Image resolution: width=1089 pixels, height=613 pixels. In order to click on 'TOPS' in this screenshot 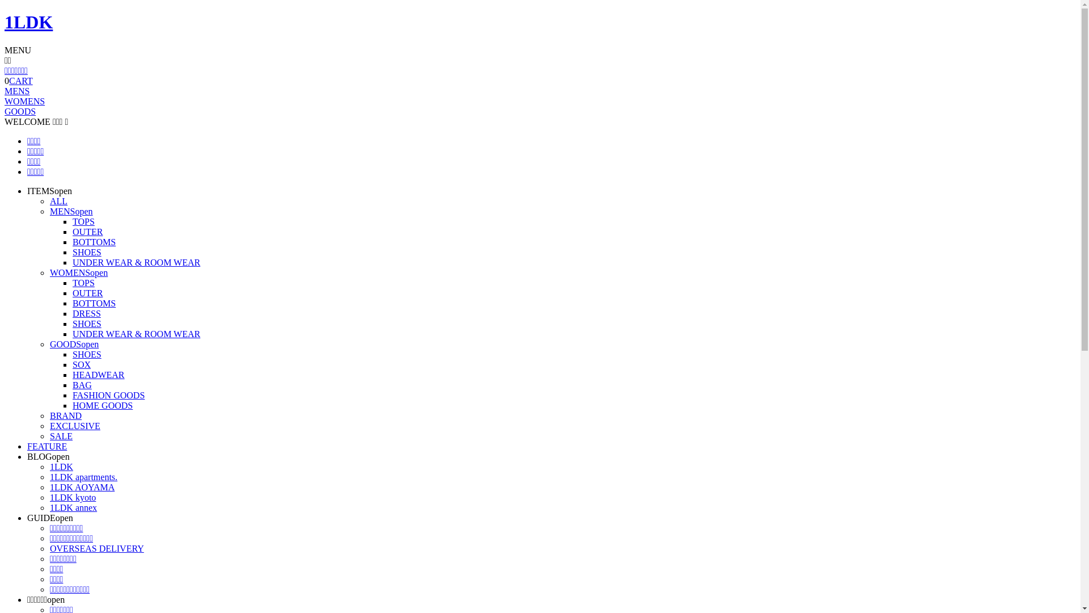, I will do `click(83, 282)`.